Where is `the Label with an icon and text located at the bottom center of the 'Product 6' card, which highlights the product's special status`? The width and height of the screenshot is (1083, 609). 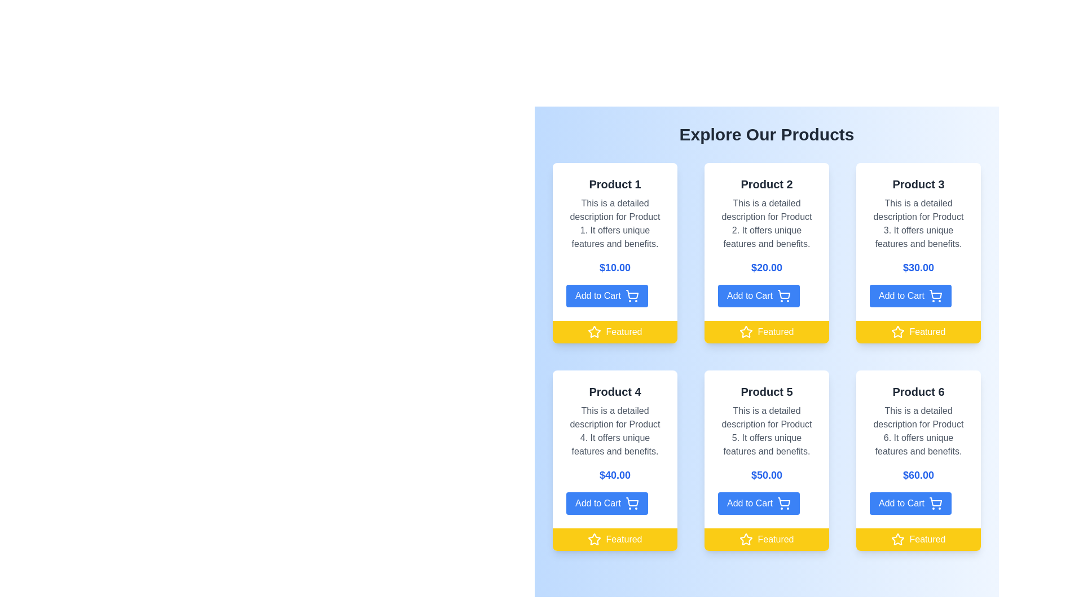 the Label with an icon and text located at the bottom center of the 'Product 6' card, which highlights the product's special status is located at coordinates (918, 539).